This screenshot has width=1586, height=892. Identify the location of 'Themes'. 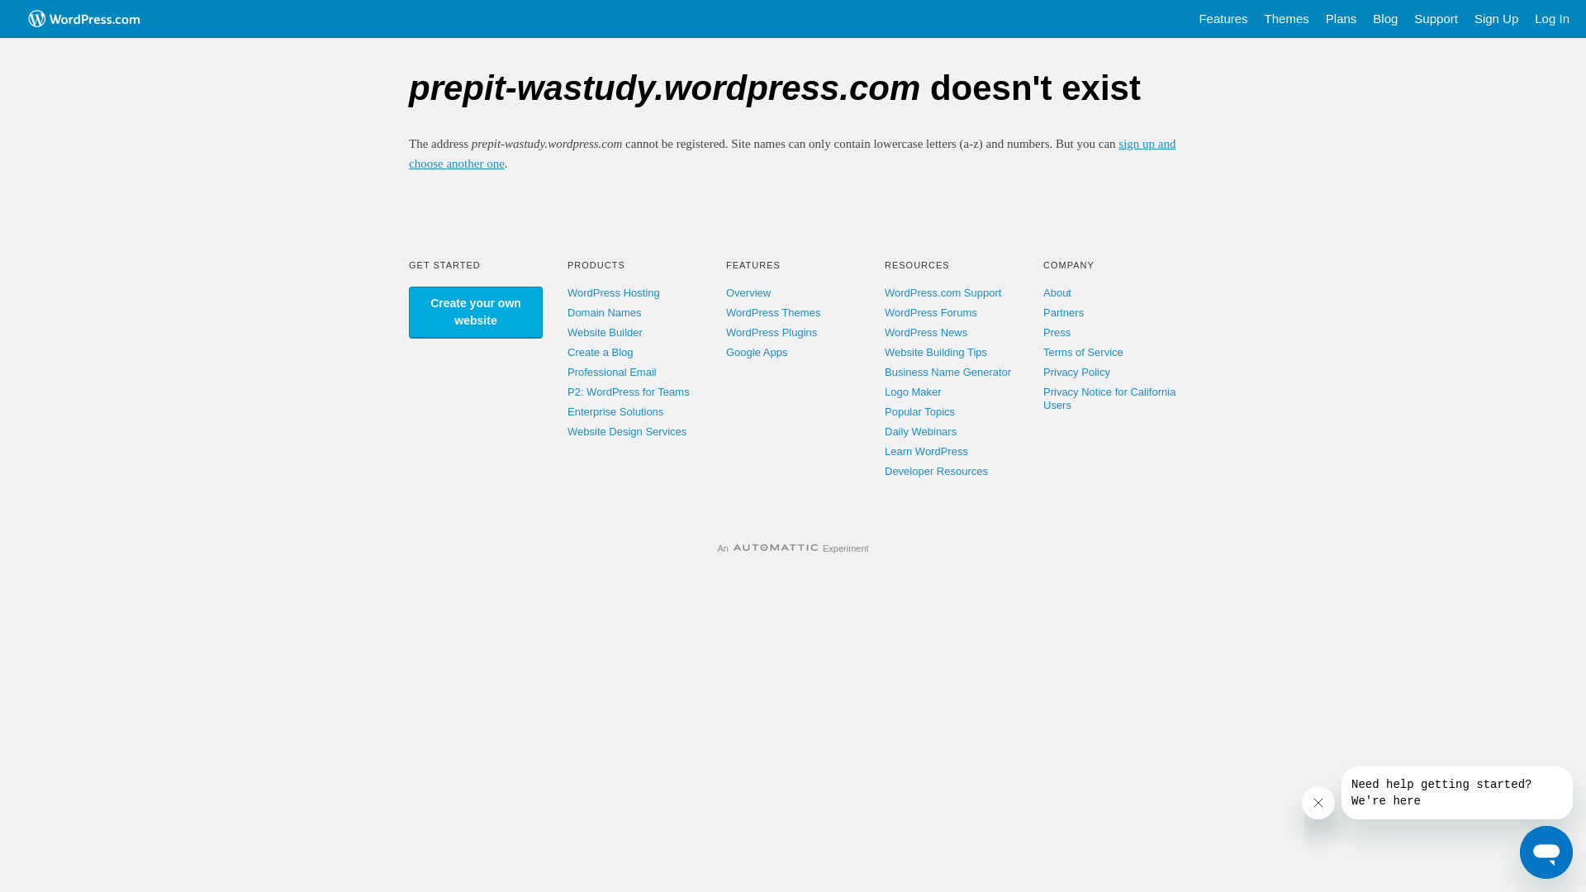
(1286, 19).